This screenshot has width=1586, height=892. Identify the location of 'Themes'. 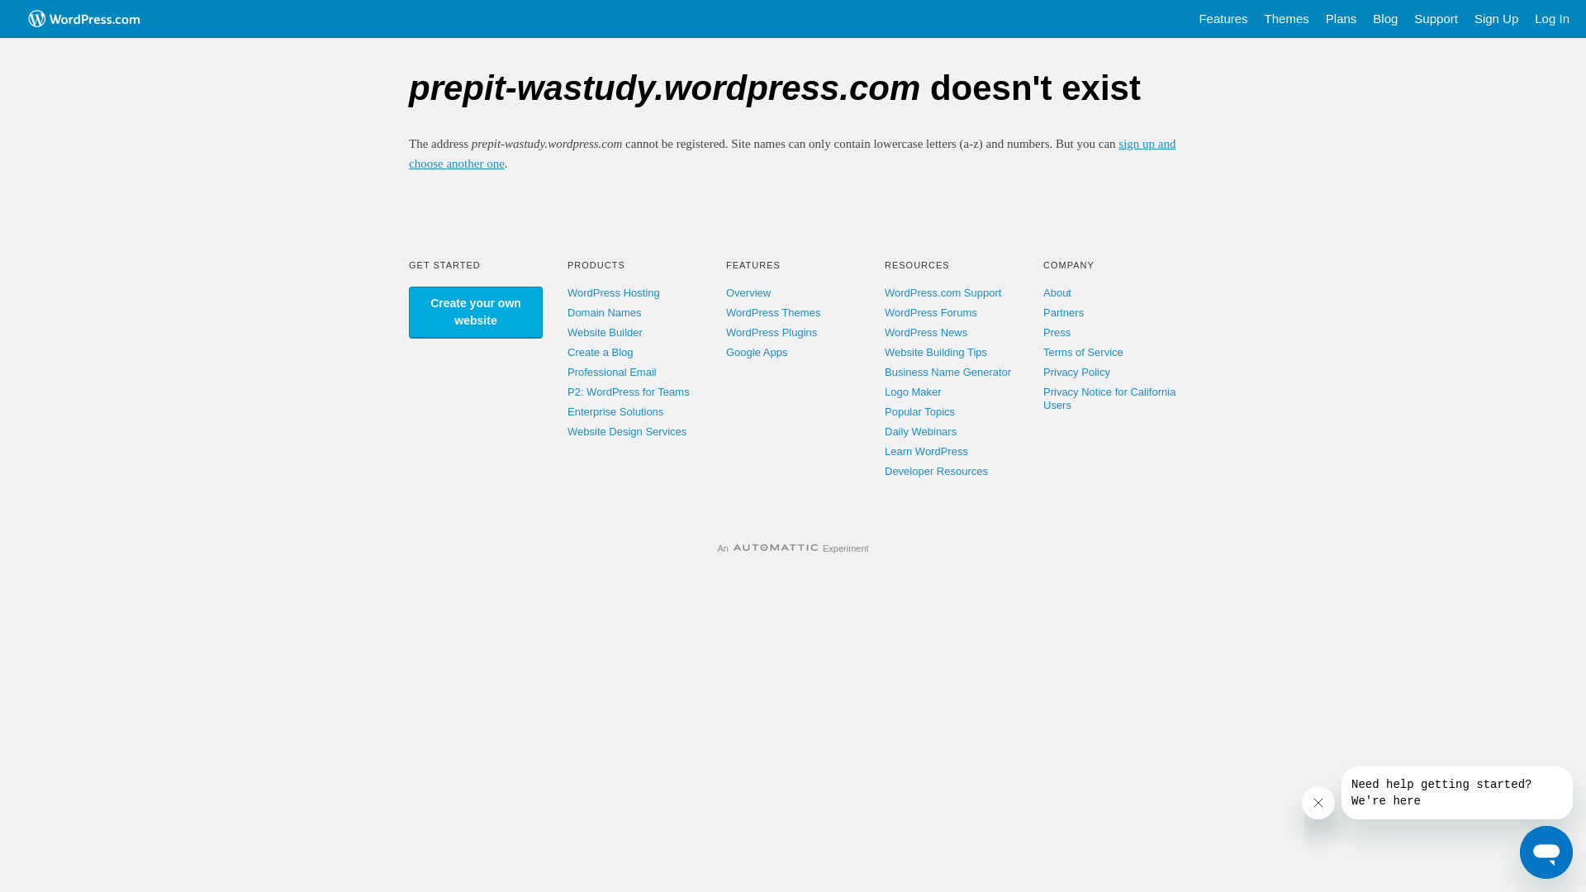
(1286, 19).